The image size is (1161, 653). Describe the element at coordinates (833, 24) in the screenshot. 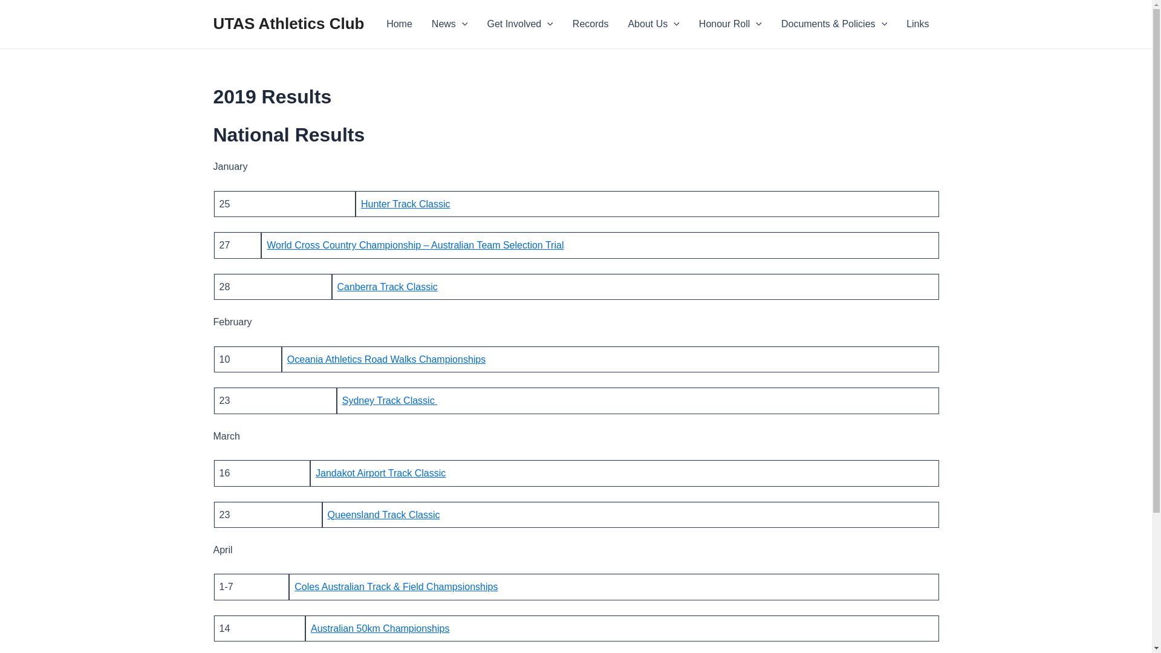

I see `'Documents & Policies'` at that location.